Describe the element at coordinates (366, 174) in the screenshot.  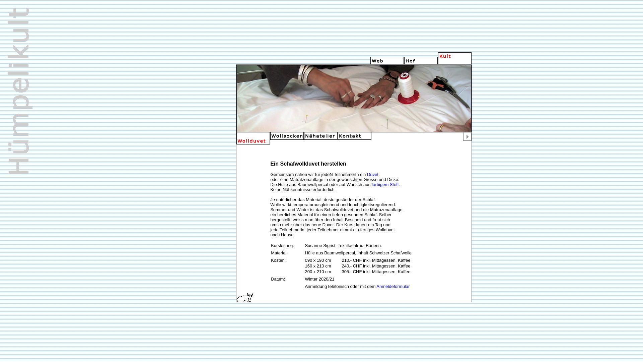
I see `'Duvet'` at that location.